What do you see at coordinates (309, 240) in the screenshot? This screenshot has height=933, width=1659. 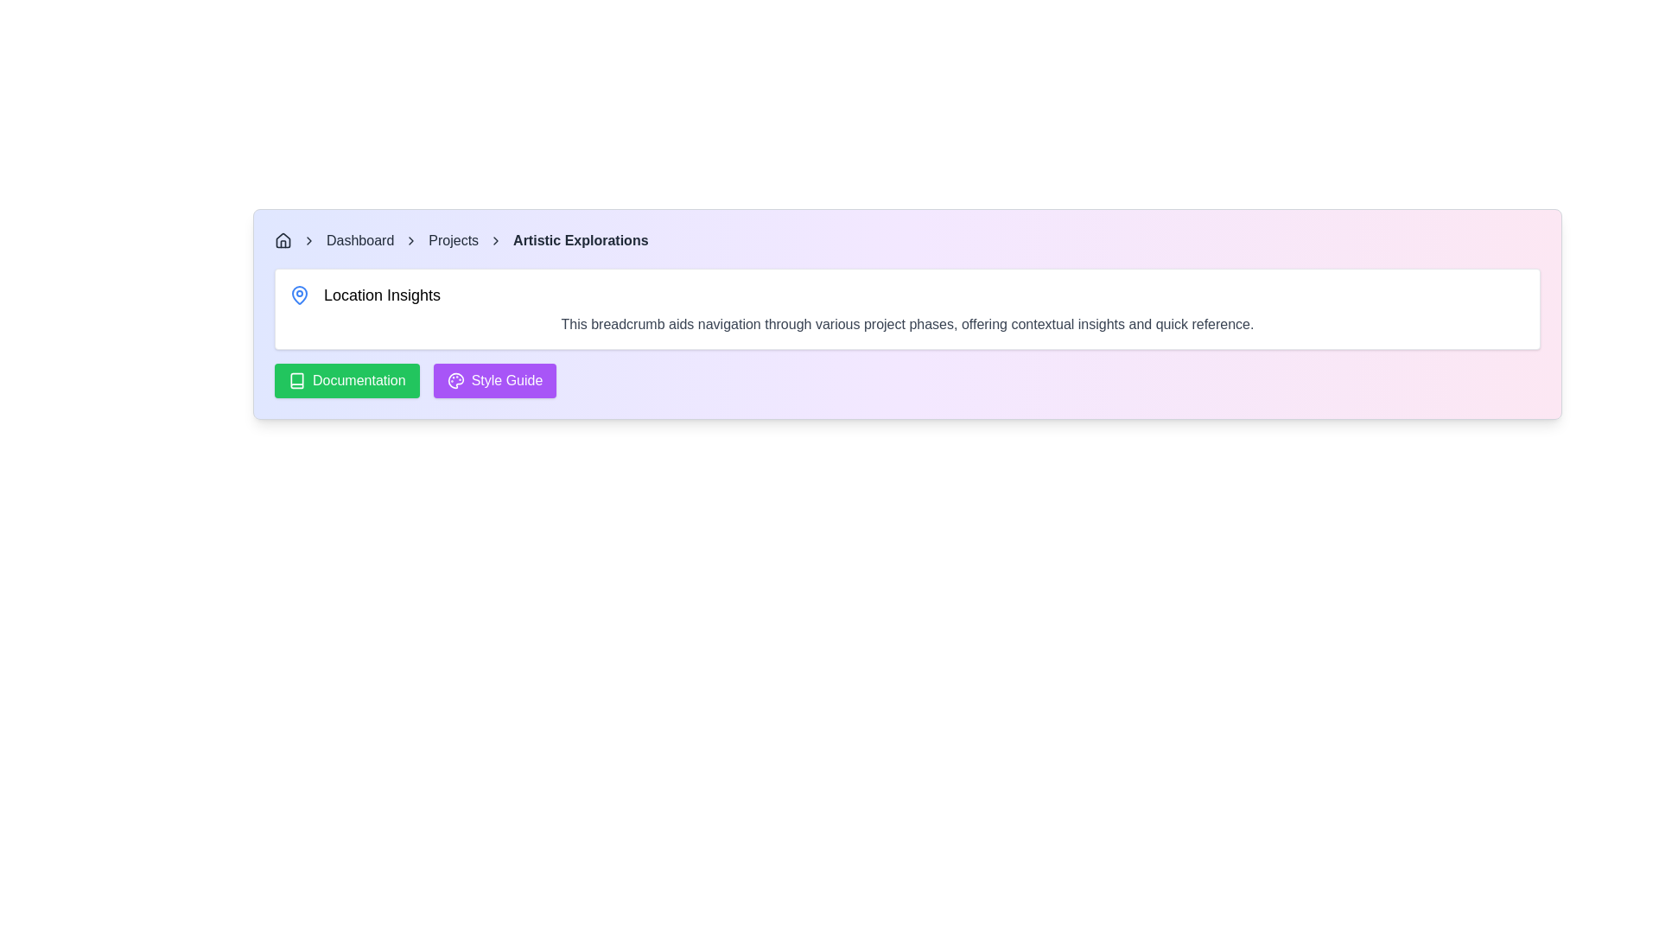 I see `the Chevron Right icon, which is a small right-arrow icon within a circle, located in the breadcrumb navigation system, positioned directly after the home icon and before the 'Dashboard' text` at bounding box center [309, 240].